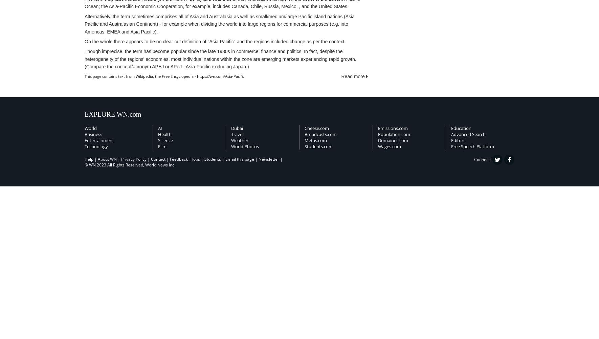  I want to click on 'Education', so click(461, 128).